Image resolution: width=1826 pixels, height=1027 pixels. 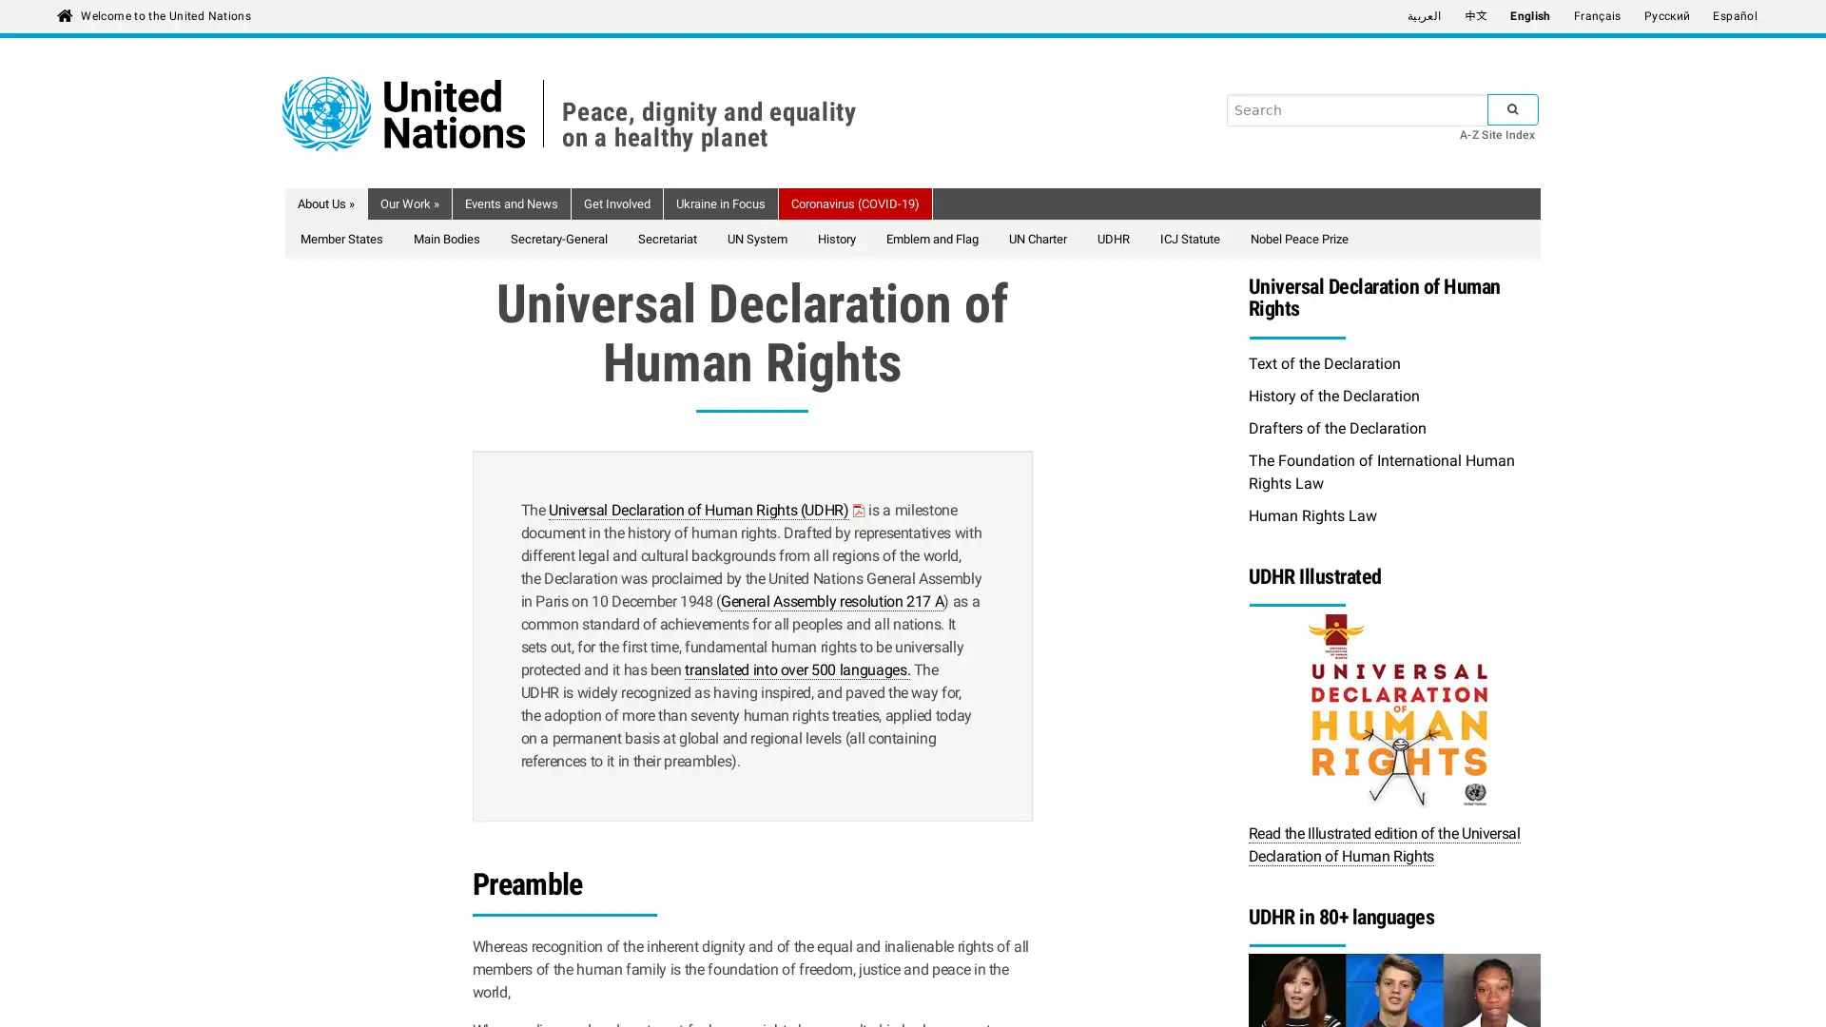 What do you see at coordinates (1511, 109) in the screenshot?
I see `SUBMIT SEARCH` at bounding box center [1511, 109].